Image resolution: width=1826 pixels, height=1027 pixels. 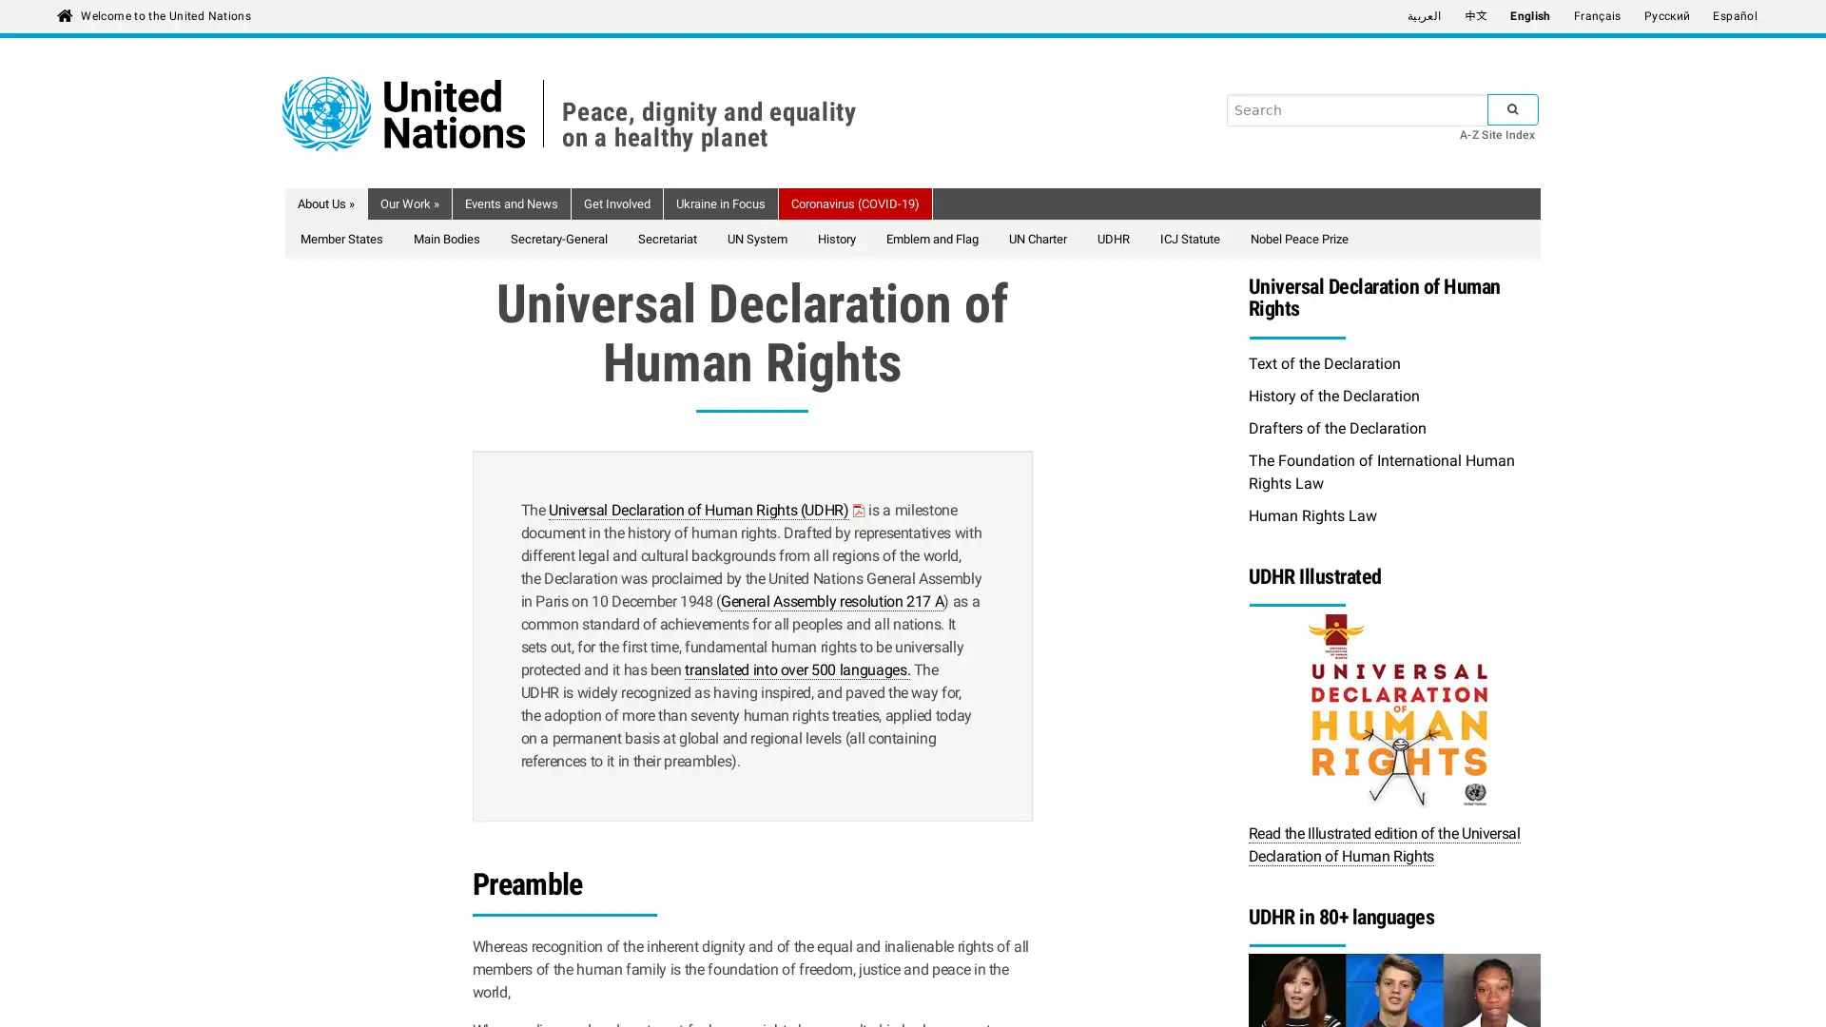 What do you see at coordinates (1511, 109) in the screenshot?
I see `SUBMIT SEARCH` at bounding box center [1511, 109].